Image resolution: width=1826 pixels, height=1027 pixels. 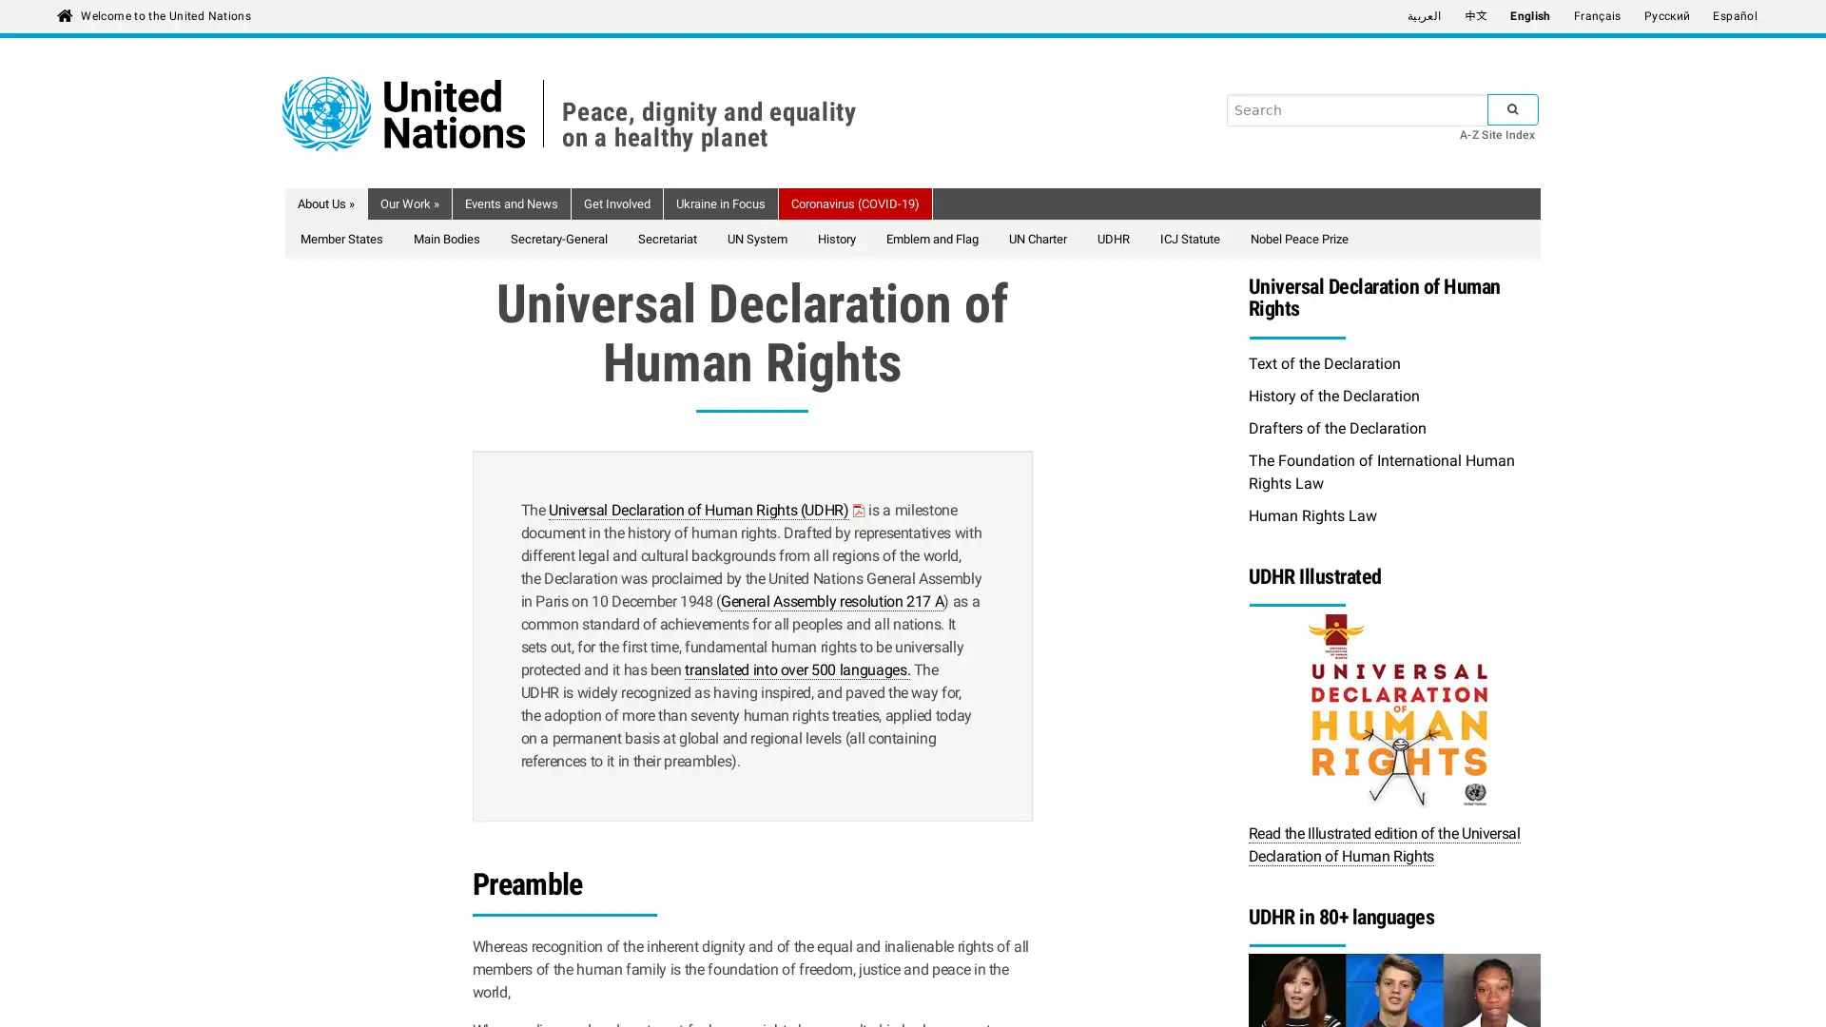 What do you see at coordinates (1511, 109) in the screenshot?
I see `SUBMIT SEARCH` at bounding box center [1511, 109].